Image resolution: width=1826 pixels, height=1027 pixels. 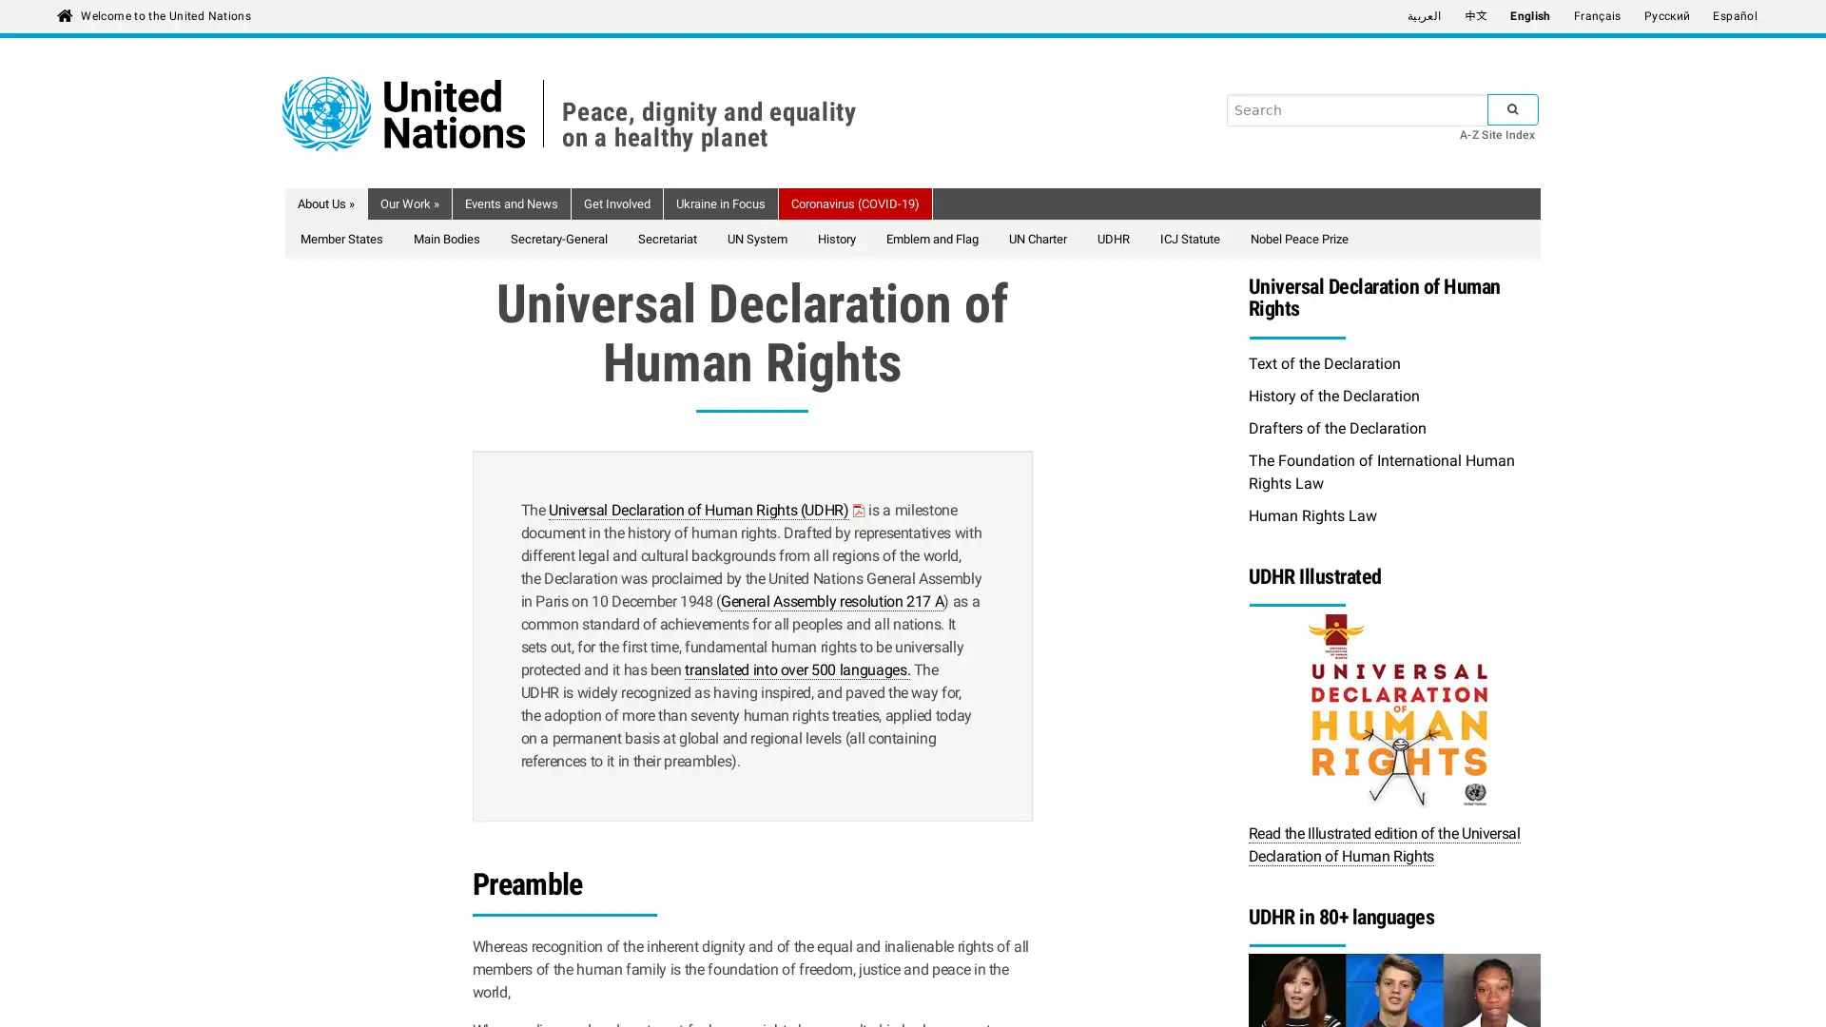 What do you see at coordinates (1511, 109) in the screenshot?
I see `SUBMIT SEARCH` at bounding box center [1511, 109].